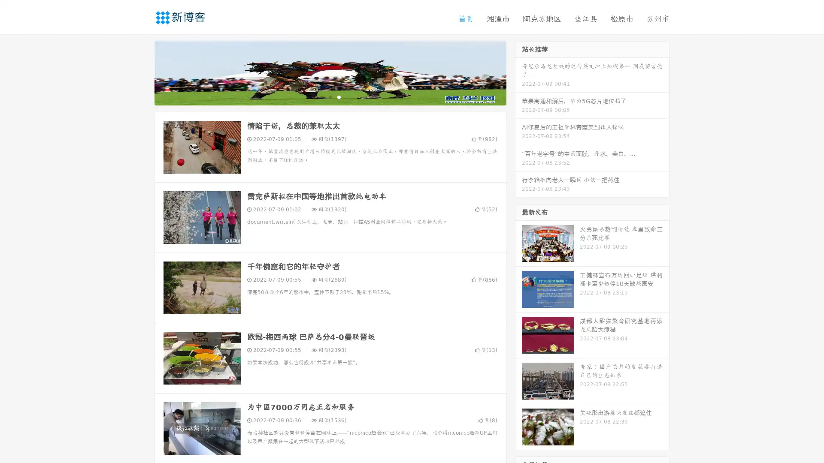  I want to click on Go to slide 2, so click(330, 96).